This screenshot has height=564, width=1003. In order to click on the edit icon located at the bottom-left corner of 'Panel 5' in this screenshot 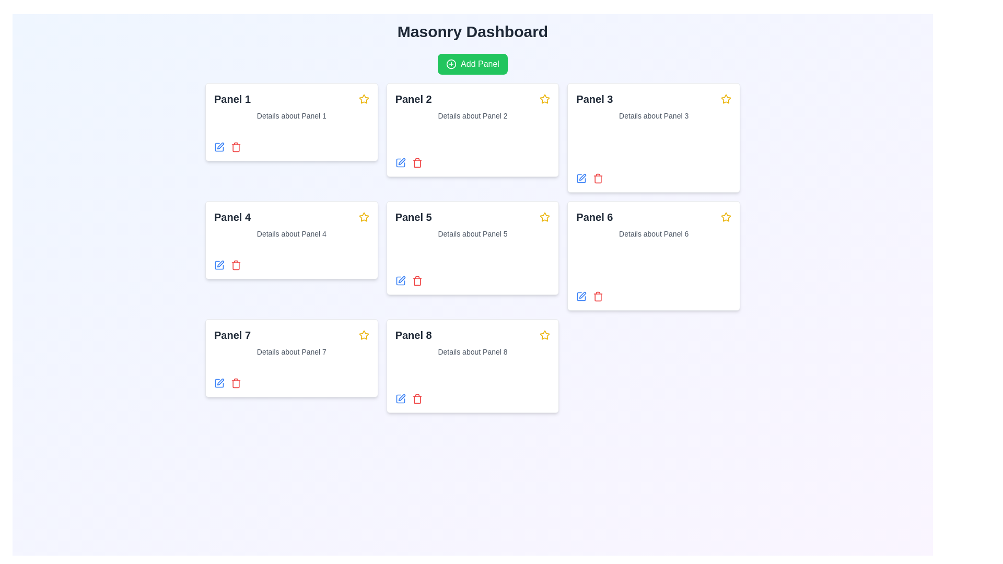, I will do `click(400, 280)`.